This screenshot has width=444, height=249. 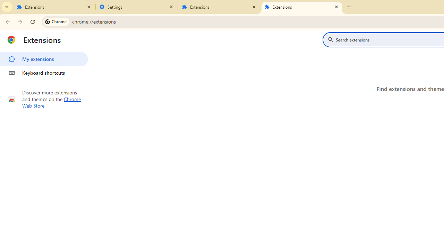 What do you see at coordinates (137, 7) in the screenshot?
I see `'Settings'` at bounding box center [137, 7].